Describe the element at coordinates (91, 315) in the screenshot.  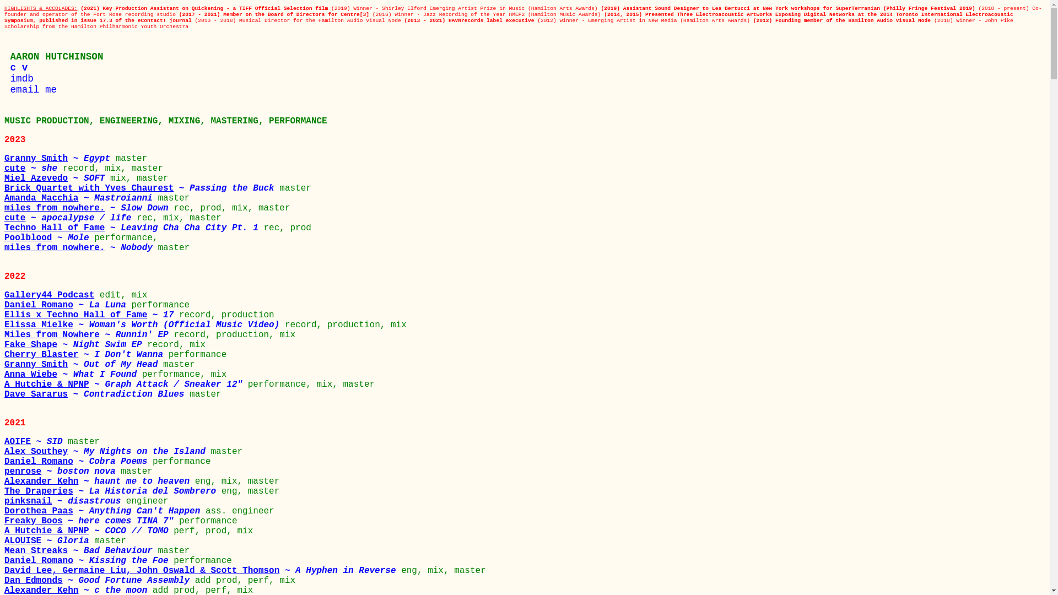
I see `'Ellis x Techno Hall of Fame ~ 17'` at that location.